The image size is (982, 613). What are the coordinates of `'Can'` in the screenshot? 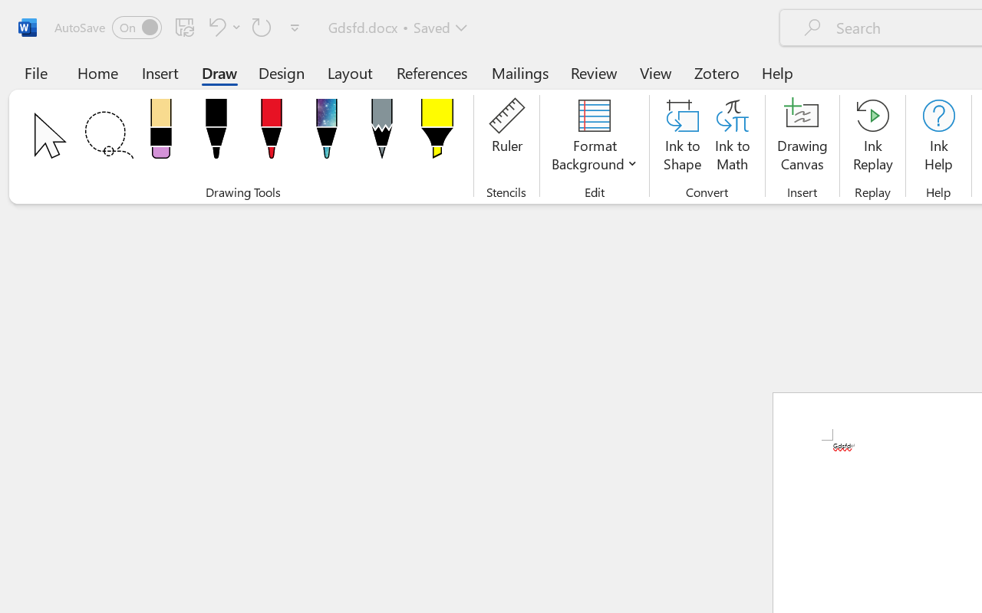 It's located at (262, 26).